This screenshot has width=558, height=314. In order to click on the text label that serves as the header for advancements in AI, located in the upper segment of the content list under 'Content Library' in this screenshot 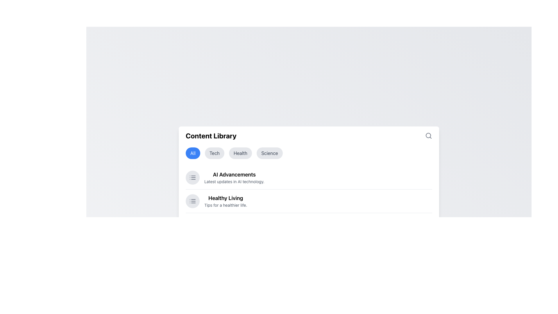, I will do `click(234, 174)`.